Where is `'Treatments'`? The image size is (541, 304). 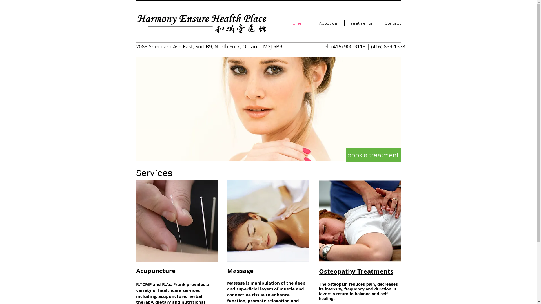 'Treatments' is located at coordinates (360, 23).